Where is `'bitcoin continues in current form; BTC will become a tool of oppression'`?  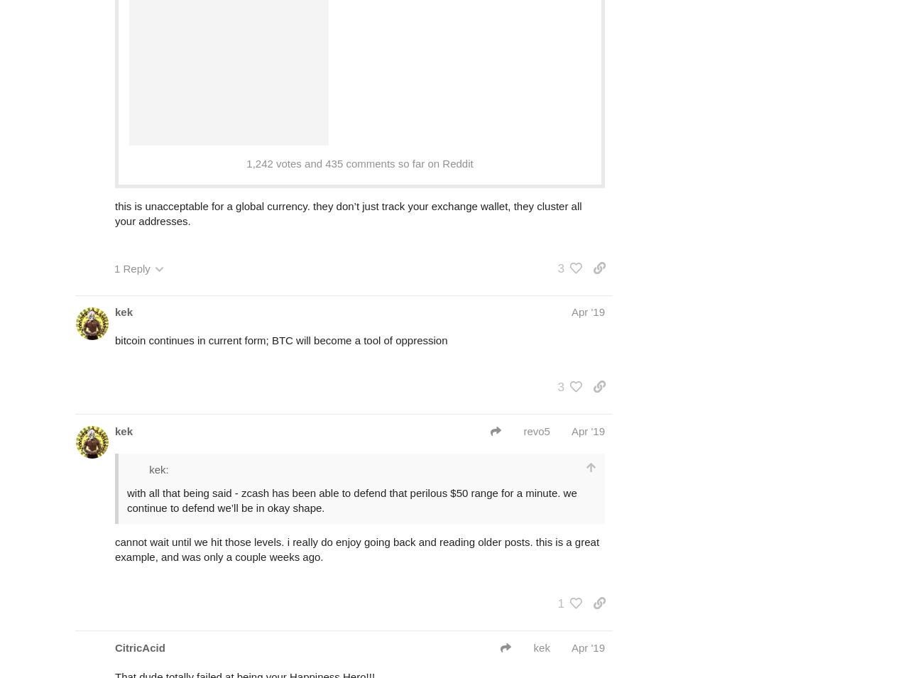 'bitcoin continues in current form; BTC will become a tool of oppression' is located at coordinates (280, 339).